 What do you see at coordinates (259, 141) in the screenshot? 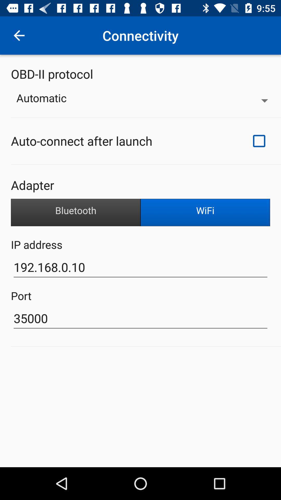
I see `item at the top right corner` at bounding box center [259, 141].